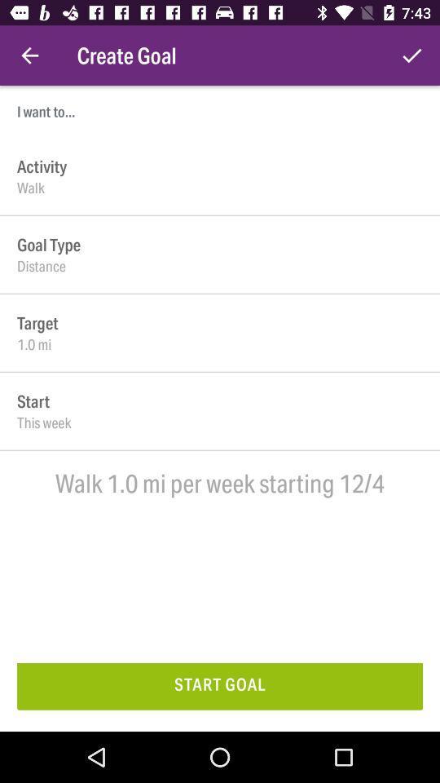 Image resolution: width=440 pixels, height=783 pixels. I want to click on start goal, so click(220, 685).